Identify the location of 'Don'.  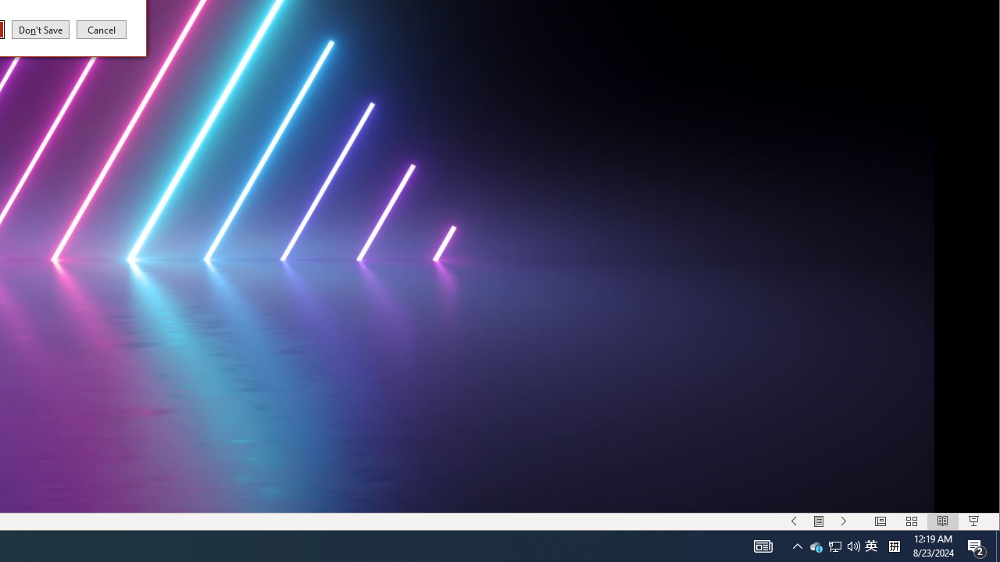
(41, 29).